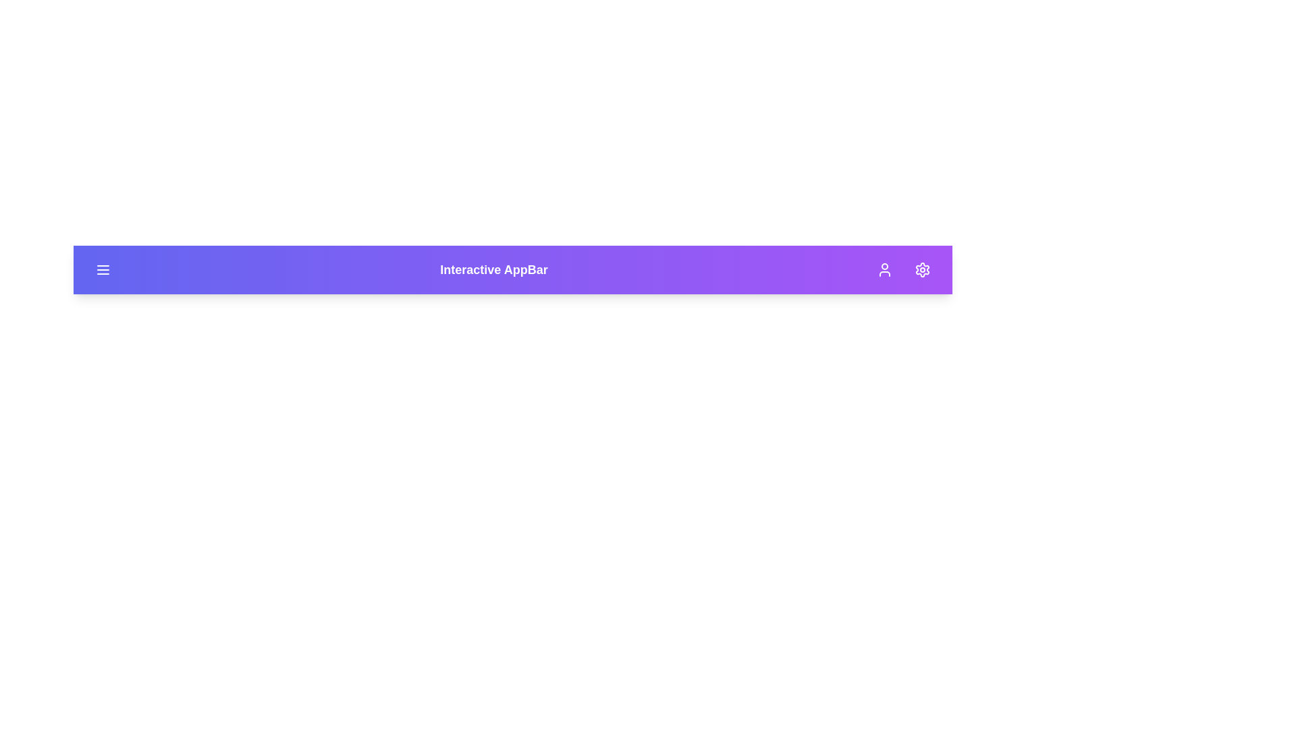 The height and width of the screenshot is (729, 1296). What do you see at coordinates (493, 270) in the screenshot?
I see `the AppBar title by clicking on it` at bounding box center [493, 270].